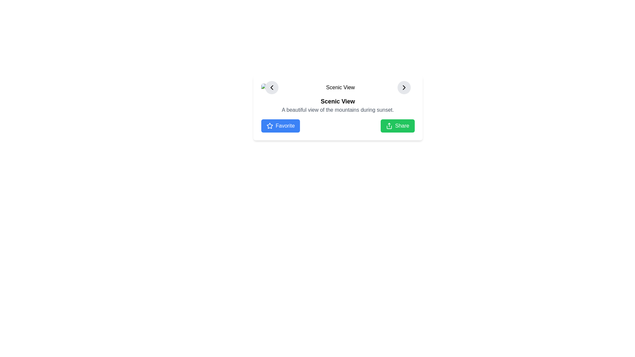 This screenshot has height=357, width=635. What do you see at coordinates (270, 126) in the screenshot?
I see `the 'Favorite' icon, which resembles a star and is located to the left of the button's text label` at bounding box center [270, 126].